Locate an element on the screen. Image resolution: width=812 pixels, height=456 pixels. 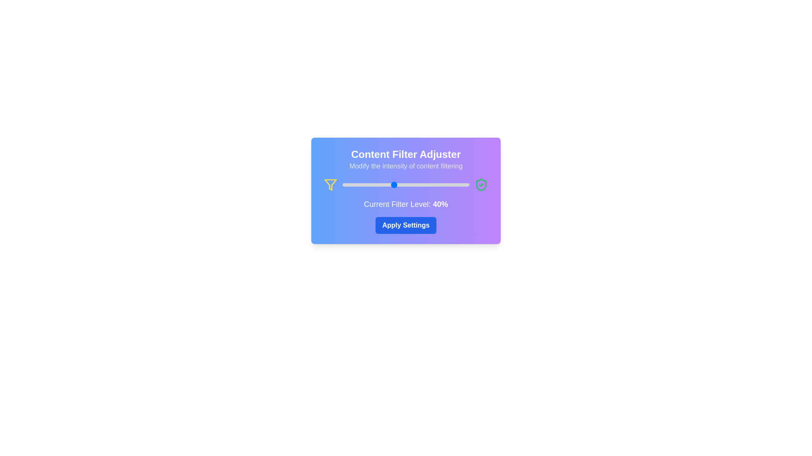
the slider to set the filter level to 81% is located at coordinates (444, 185).